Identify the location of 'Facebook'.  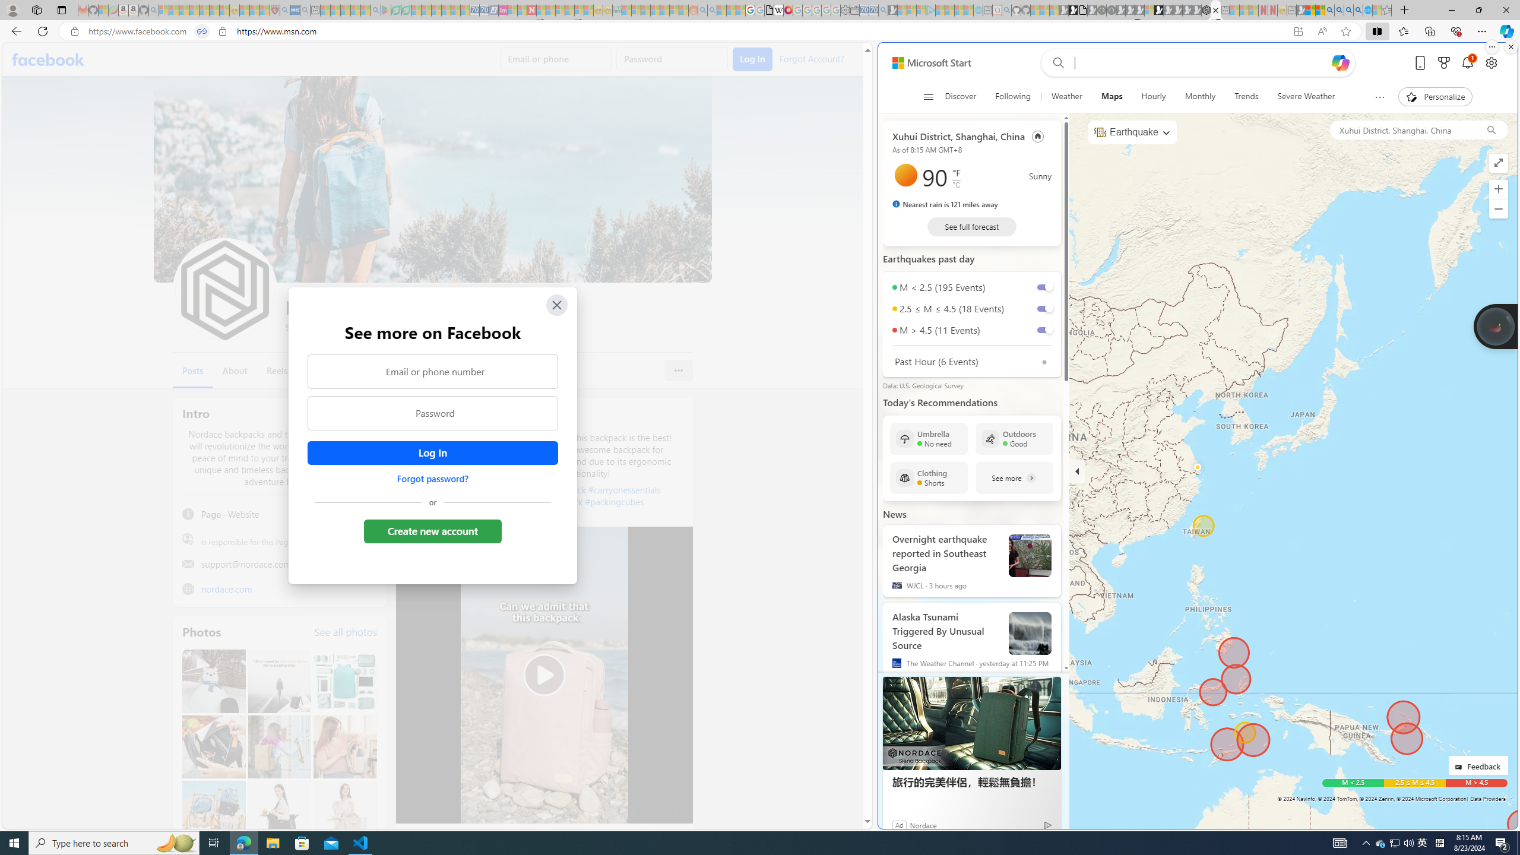
(48, 59).